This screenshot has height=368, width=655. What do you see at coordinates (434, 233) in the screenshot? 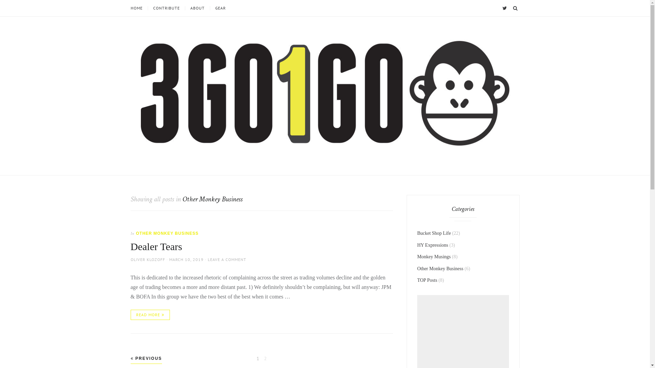
I see `'Bucket Shop Life'` at bounding box center [434, 233].